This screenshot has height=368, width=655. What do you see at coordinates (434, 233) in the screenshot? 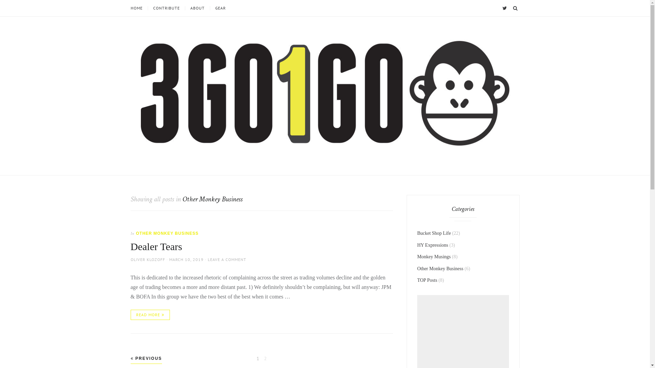
I see `'Bucket Shop Life'` at bounding box center [434, 233].